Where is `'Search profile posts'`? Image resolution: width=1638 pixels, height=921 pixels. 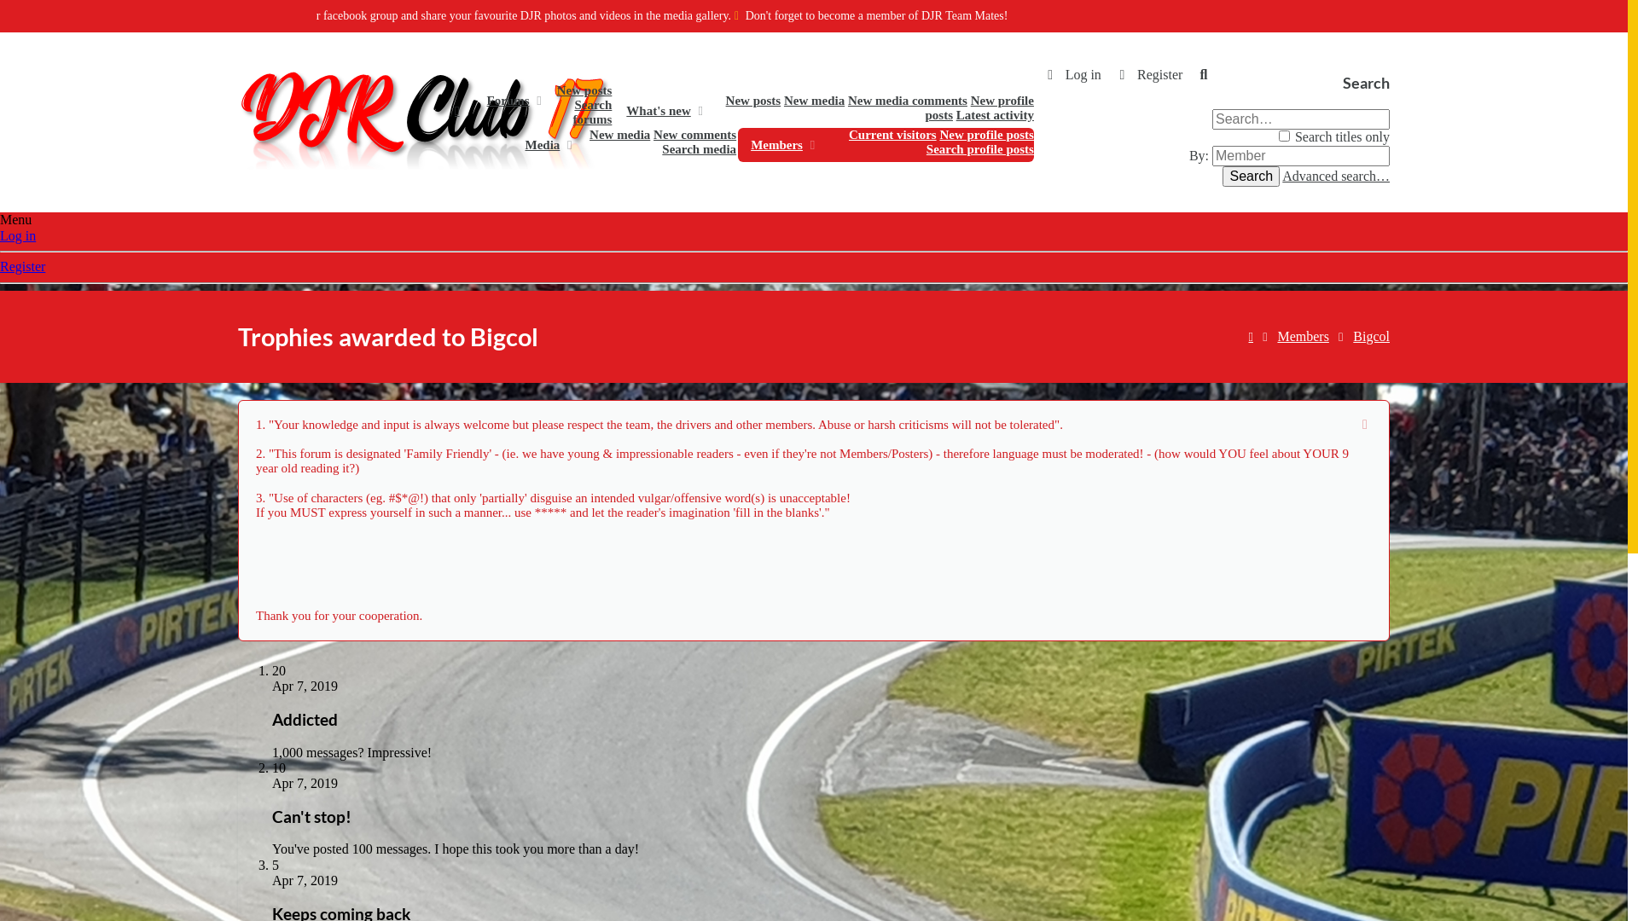 'Search profile posts' is located at coordinates (979, 148).